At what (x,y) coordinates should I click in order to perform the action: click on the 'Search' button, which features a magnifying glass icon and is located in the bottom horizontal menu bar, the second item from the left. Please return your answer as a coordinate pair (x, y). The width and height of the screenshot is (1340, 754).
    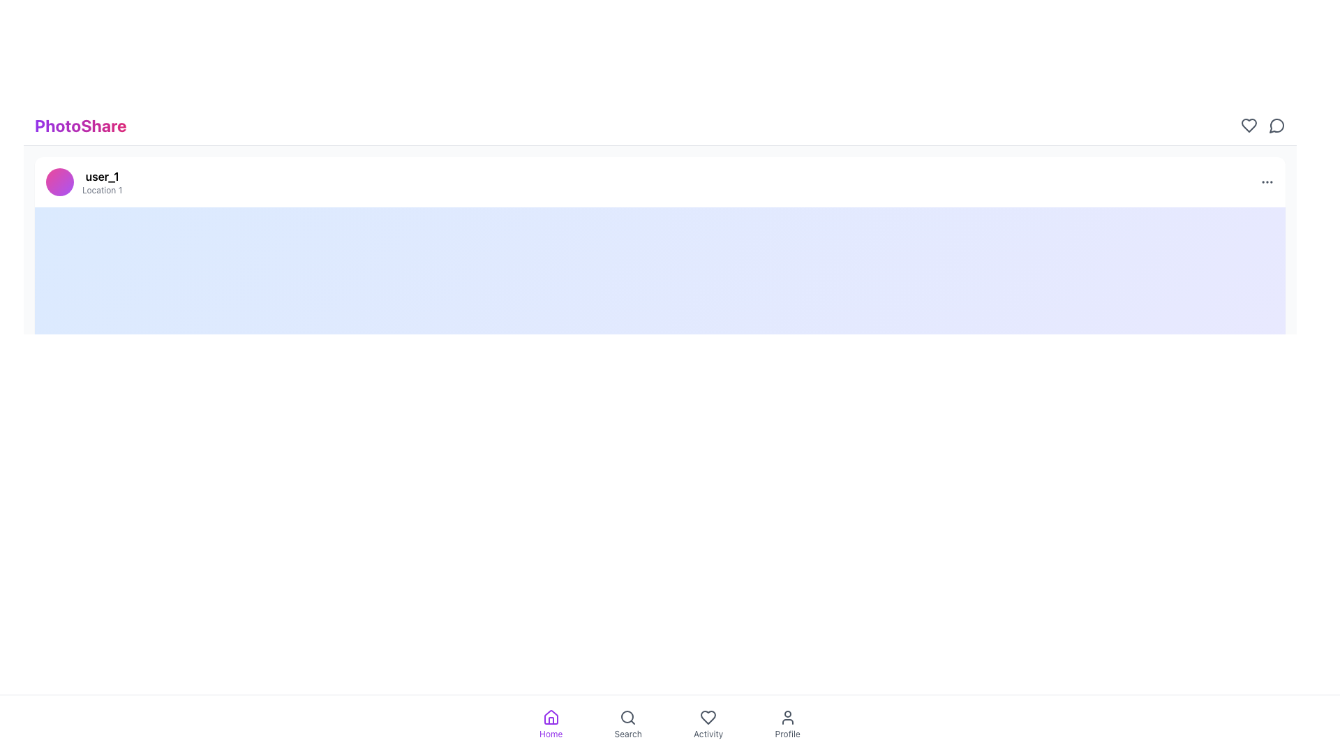
    Looking at the image, I should click on (627, 723).